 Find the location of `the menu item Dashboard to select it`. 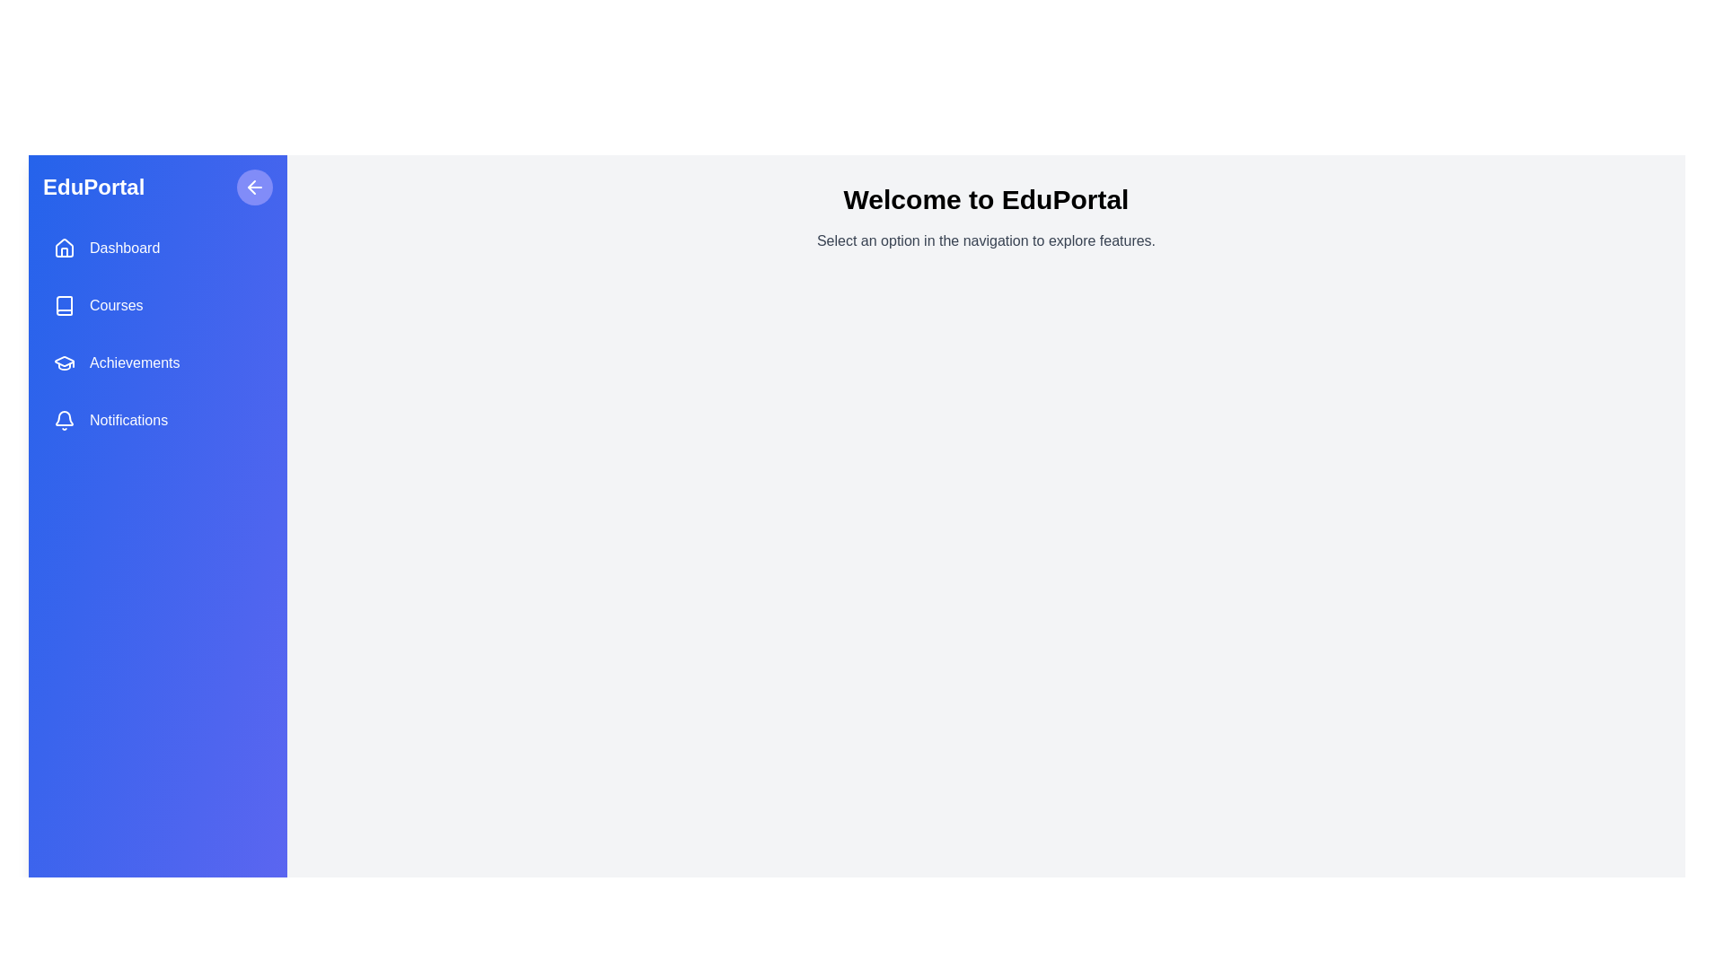

the menu item Dashboard to select it is located at coordinates (158, 249).